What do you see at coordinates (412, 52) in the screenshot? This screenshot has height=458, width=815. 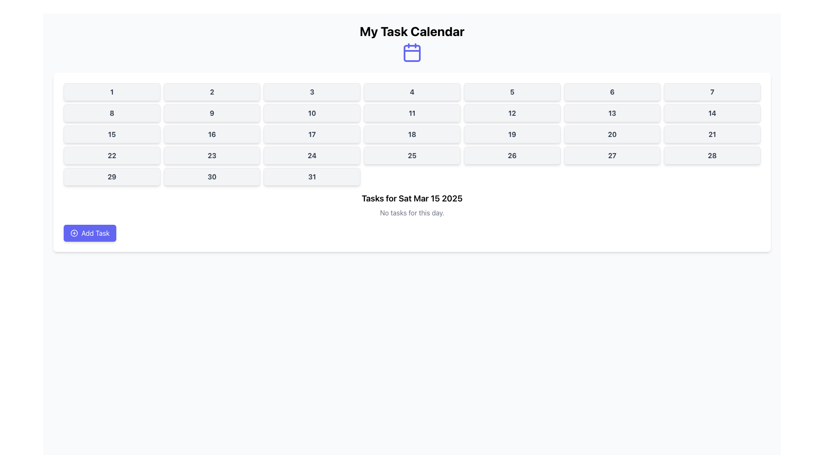 I see `the calendar icon with a purple stroke located beneath the 'My Task Calendar' text` at bounding box center [412, 52].